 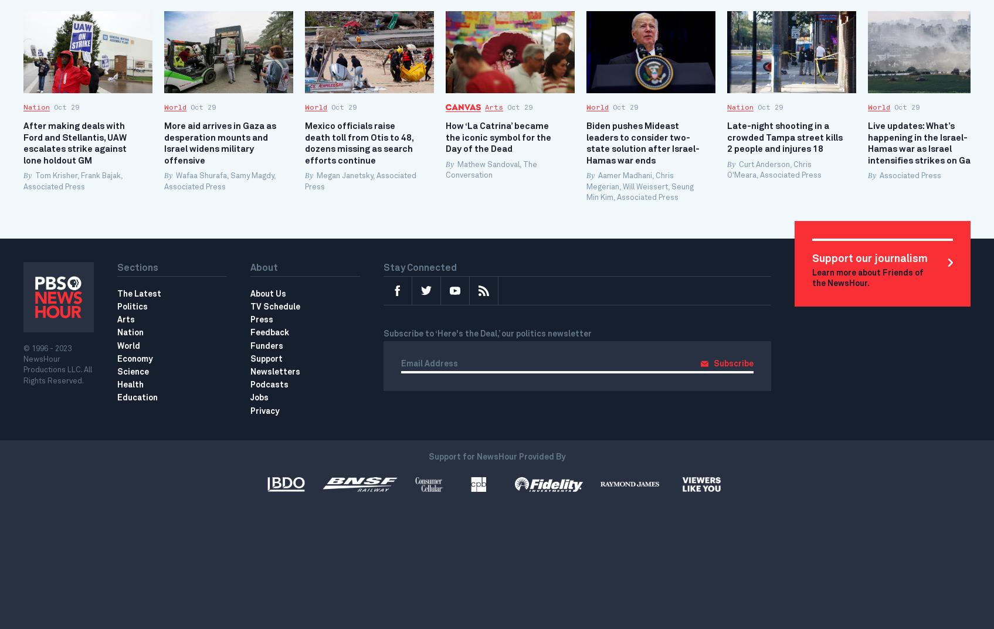 What do you see at coordinates (130, 384) in the screenshot?
I see `'Health'` at bounding box center [130, 384].